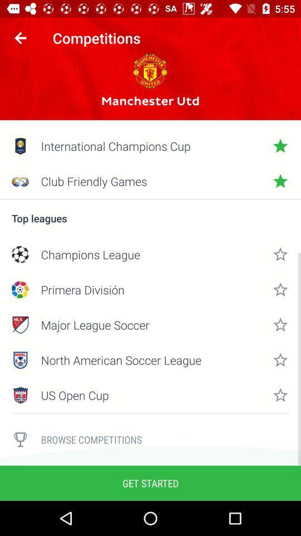  What do you see at coordinates (151, 255) in the screenshot?
I see `champions league icon` at bounding box center [151, 255].